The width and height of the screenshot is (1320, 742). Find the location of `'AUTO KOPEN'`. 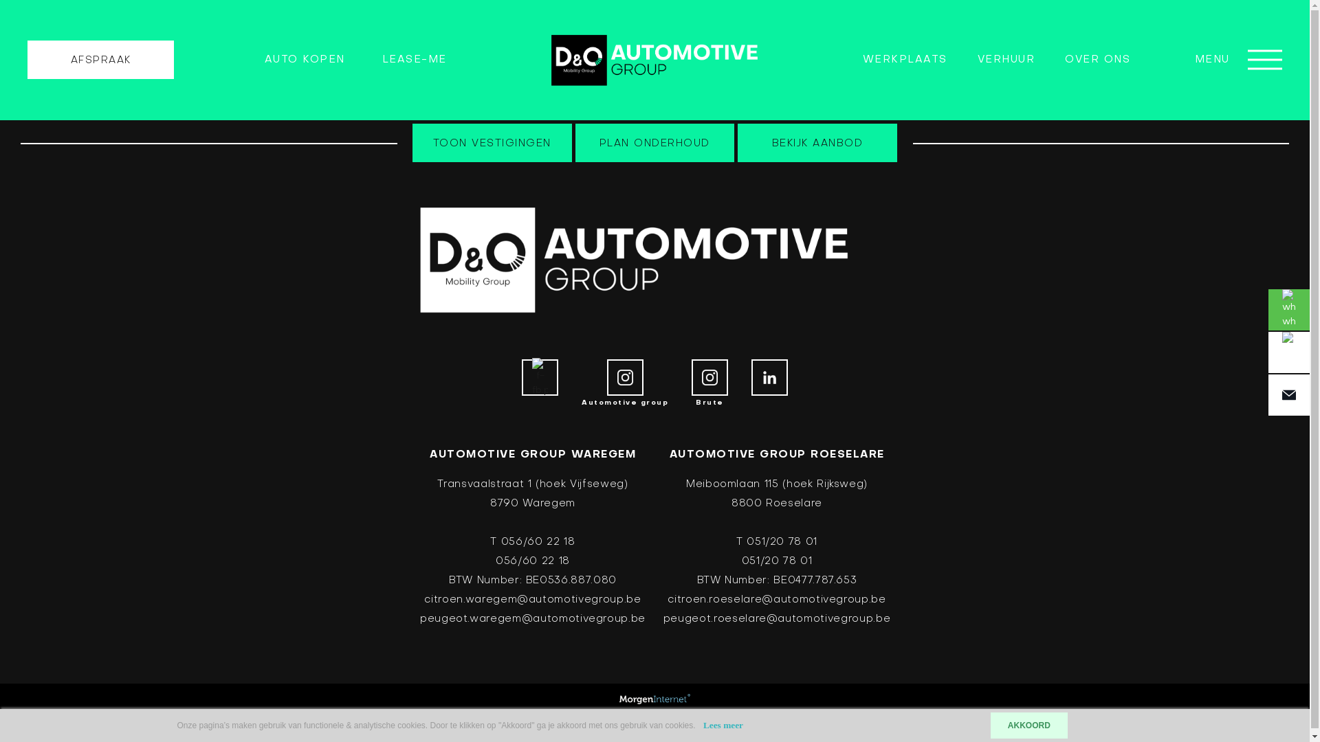

'AUTO KOPEN' is located at coordinates (304, 59).